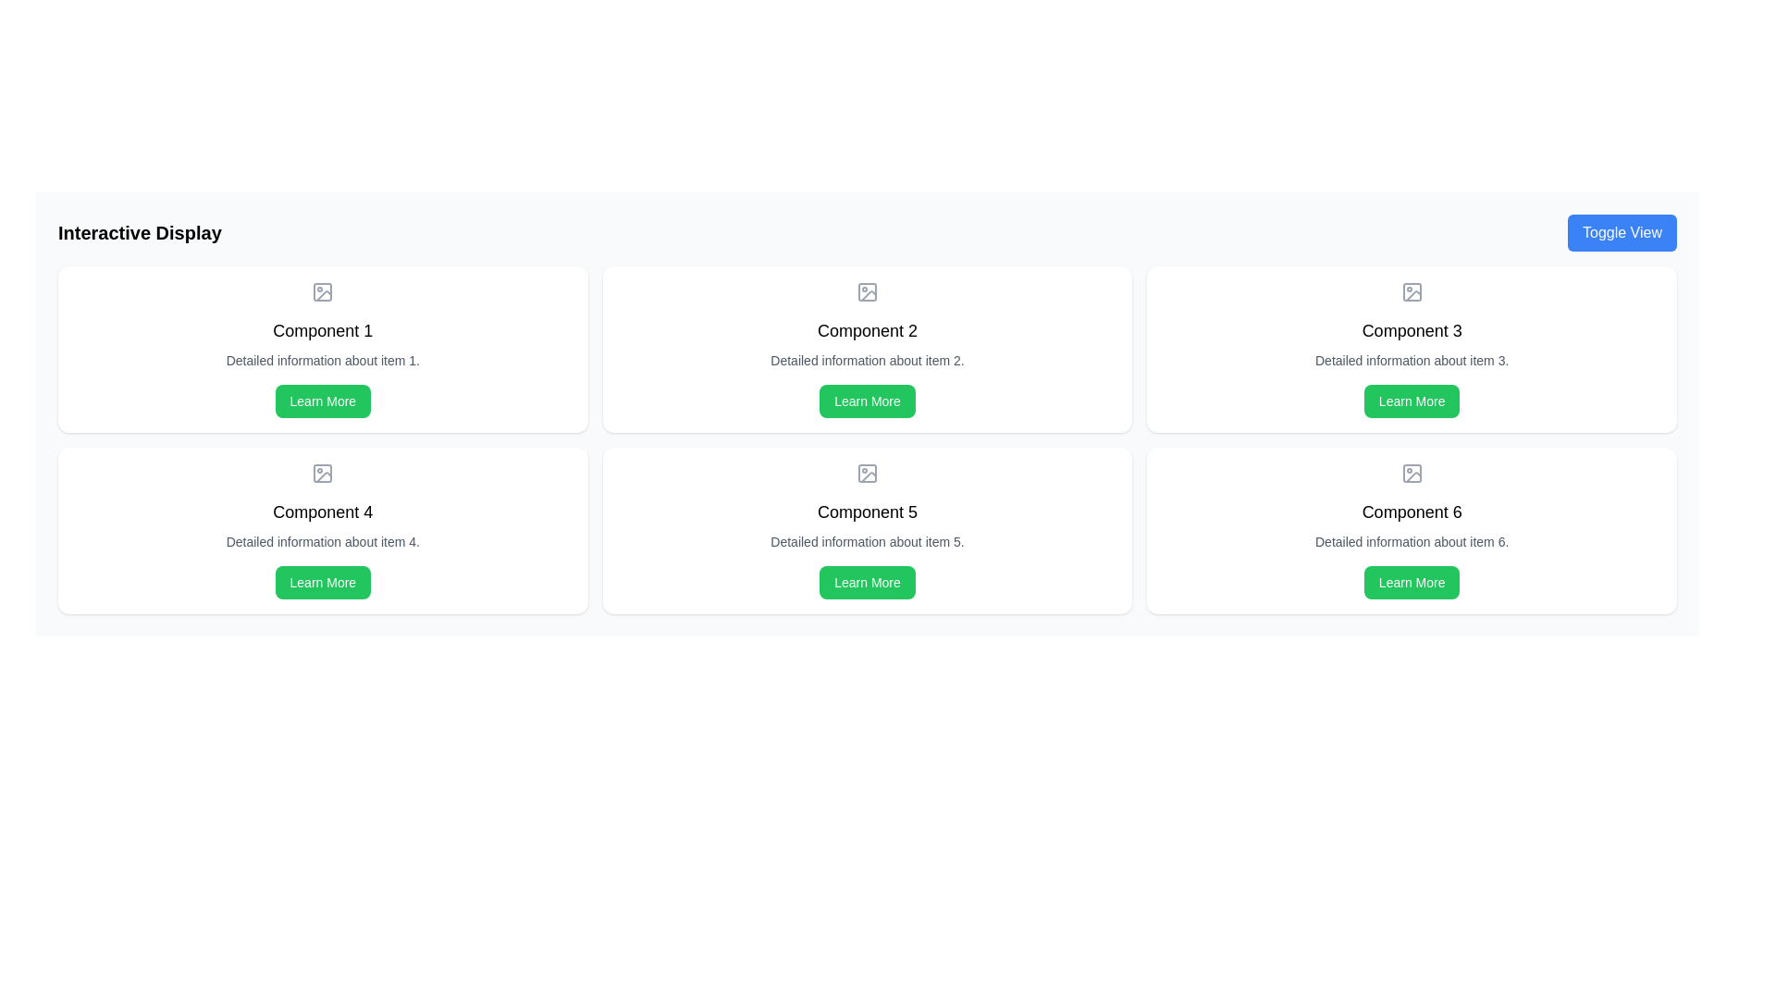 The height and width of the screenshot is (999, 1776). I want to click on the text label providing additional information for the 'Component 3' card, located centrally within the card above the 'Learn More' button, so click(1411, 360).